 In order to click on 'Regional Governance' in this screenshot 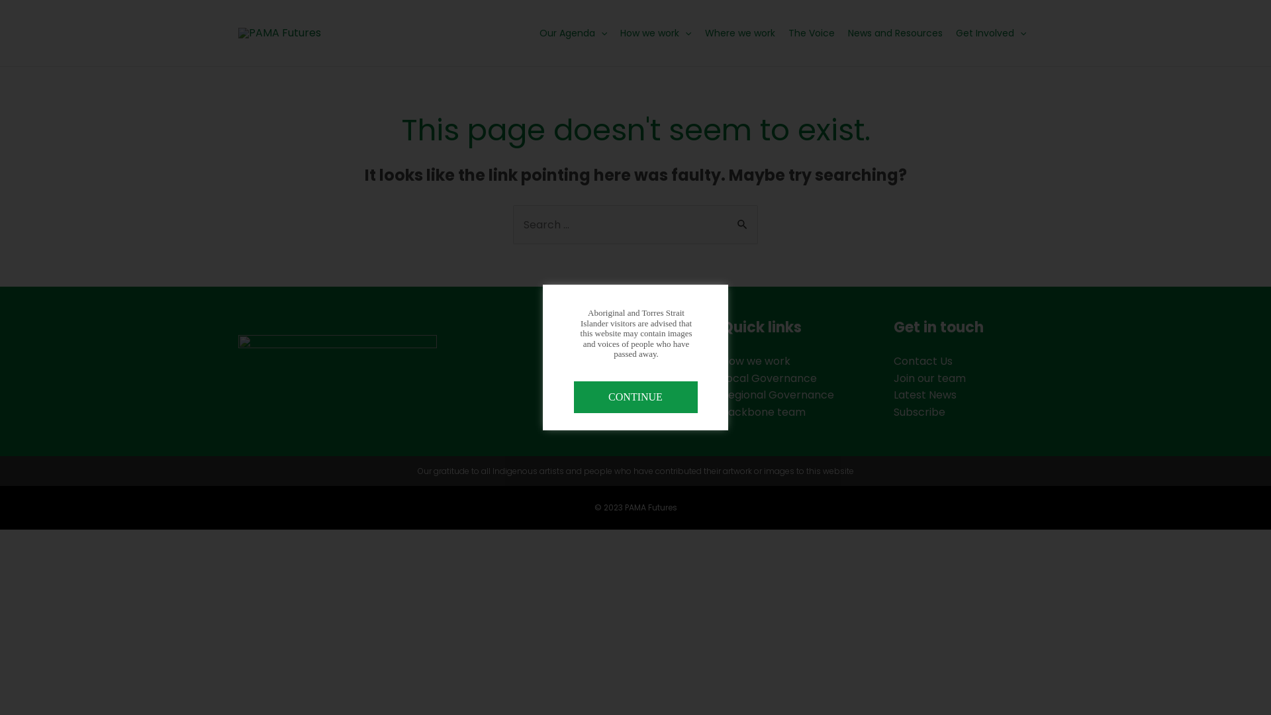, I will do `click(778, 394)`.